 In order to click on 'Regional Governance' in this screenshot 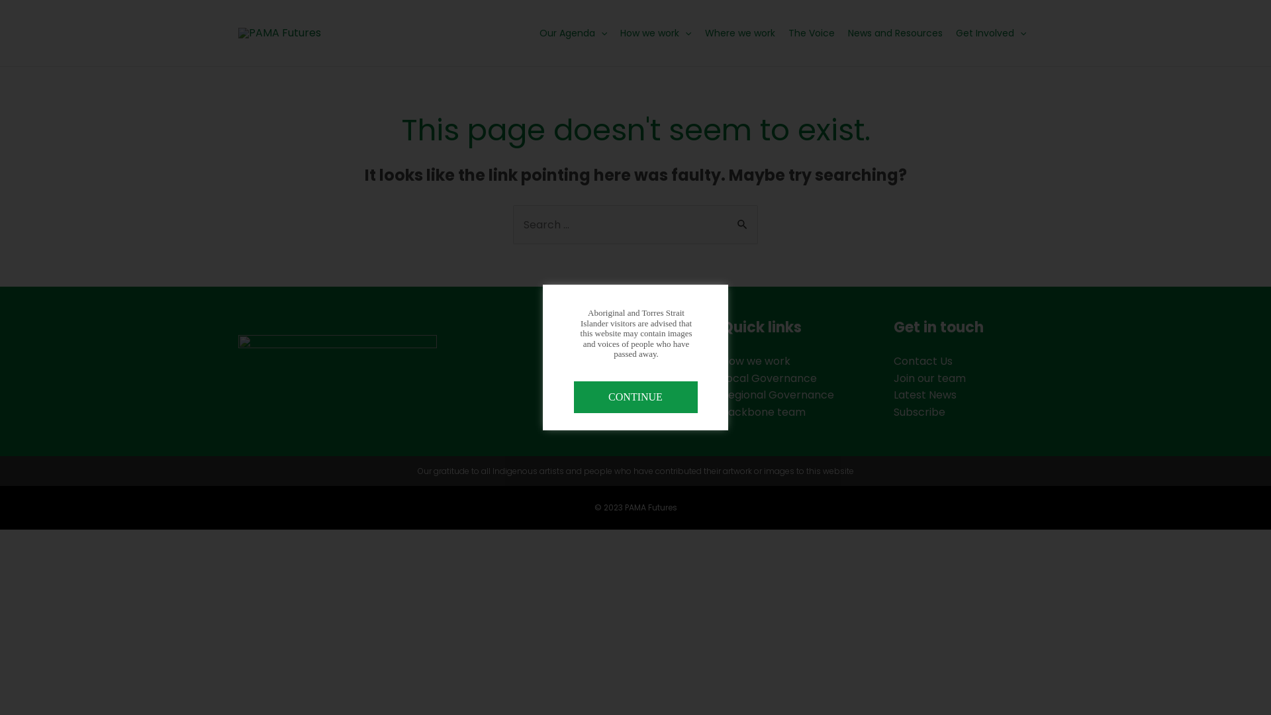, I will do `click(778, 394)`.